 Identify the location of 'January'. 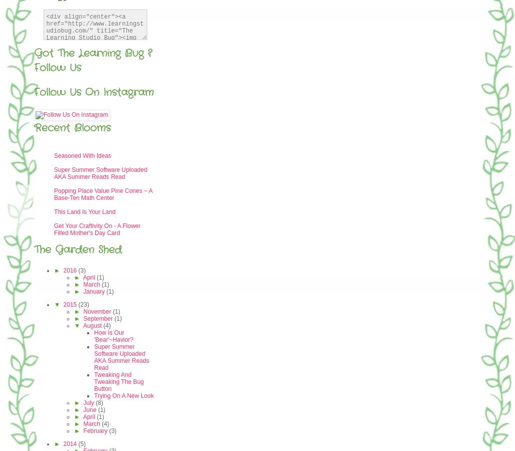
(83, 291).